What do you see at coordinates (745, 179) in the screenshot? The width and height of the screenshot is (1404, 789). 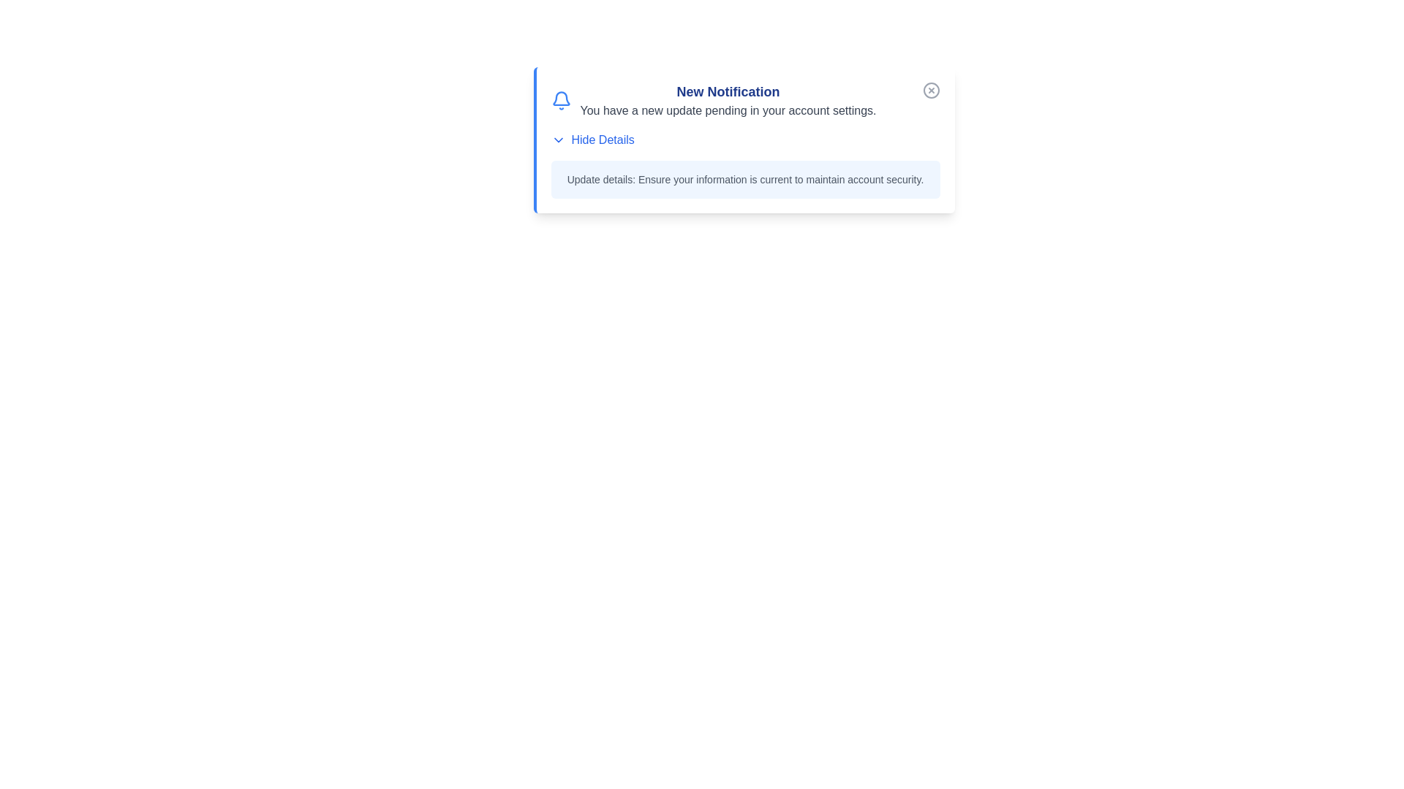 I see `the static informational text box with a light blue background that contains the text 'Update details: Ensure your information is current to maintain account security.'` at bounding box center [745, 179].